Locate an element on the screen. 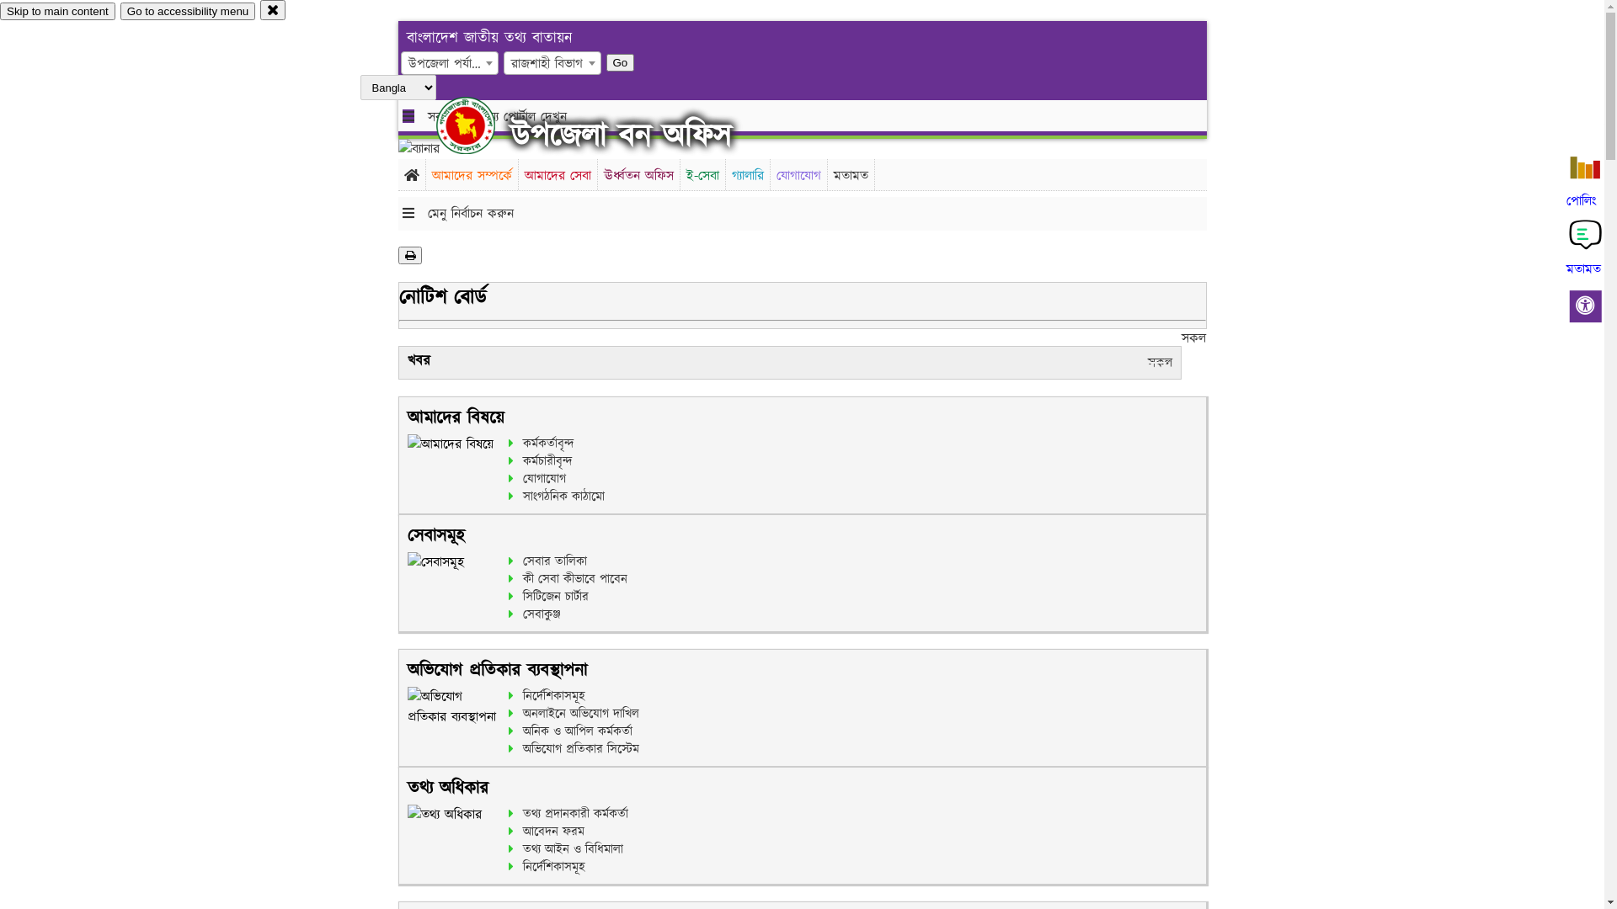  'Go to accessibility menu' is located at coordinates (120, 11).